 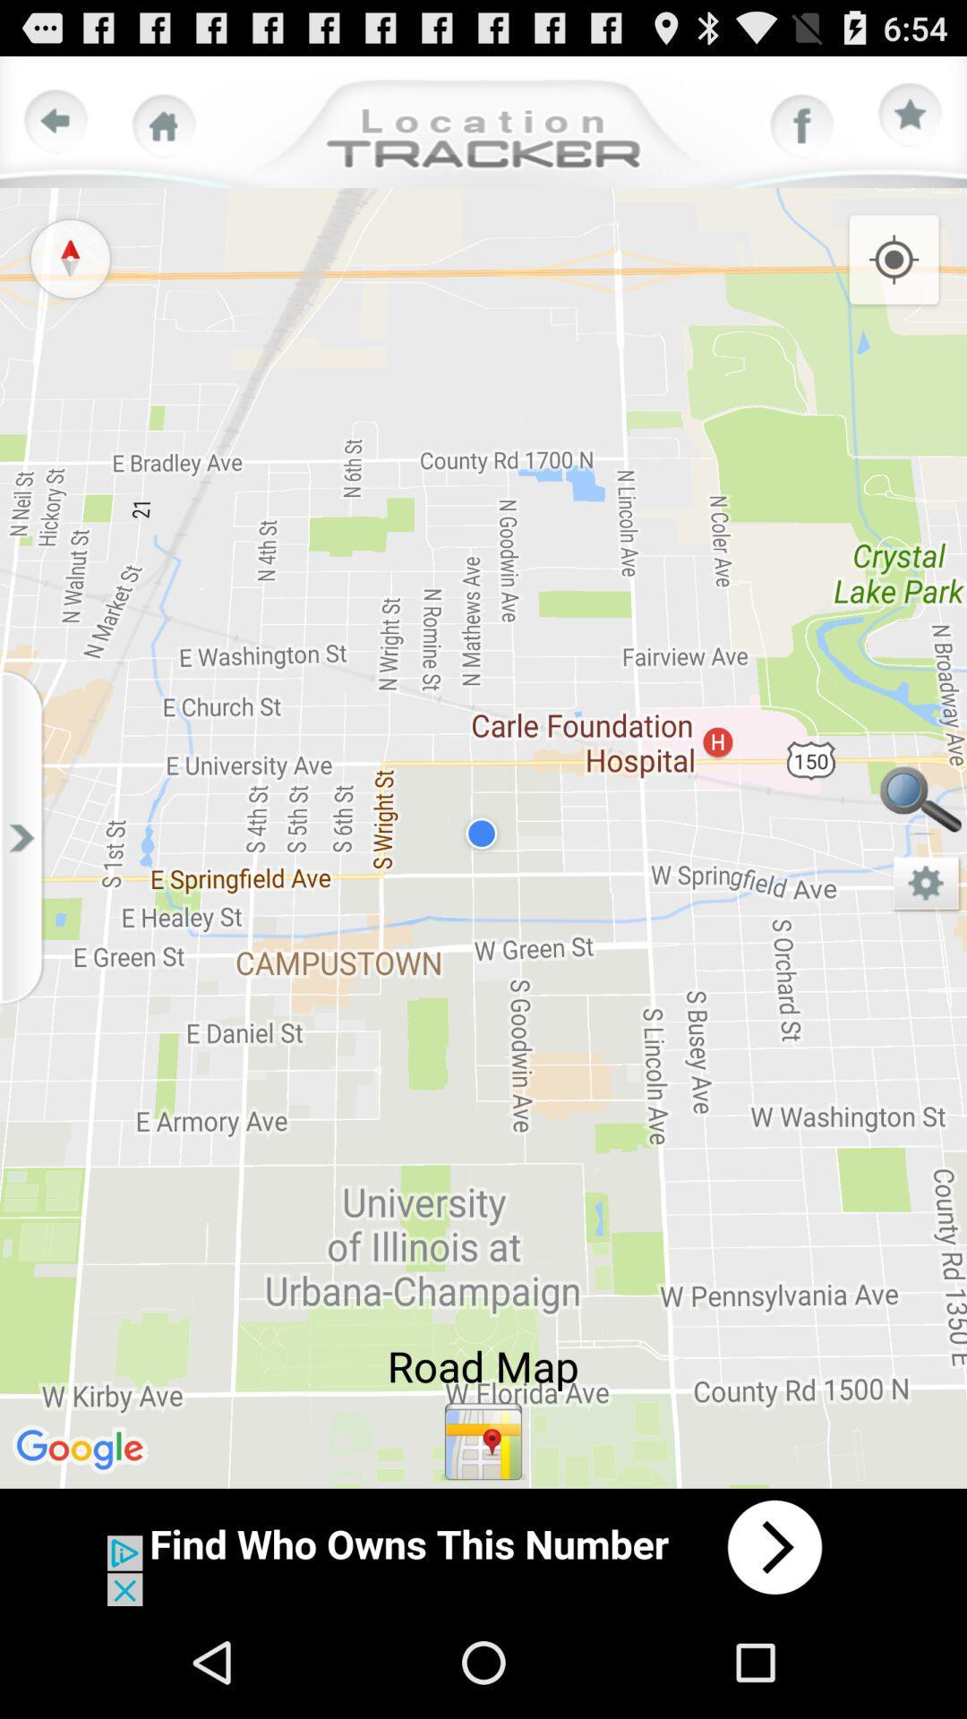 What do you see at coordinates (69, 276) in the screenshot?
I see `the explore icon` at bounding box center [69, 276].